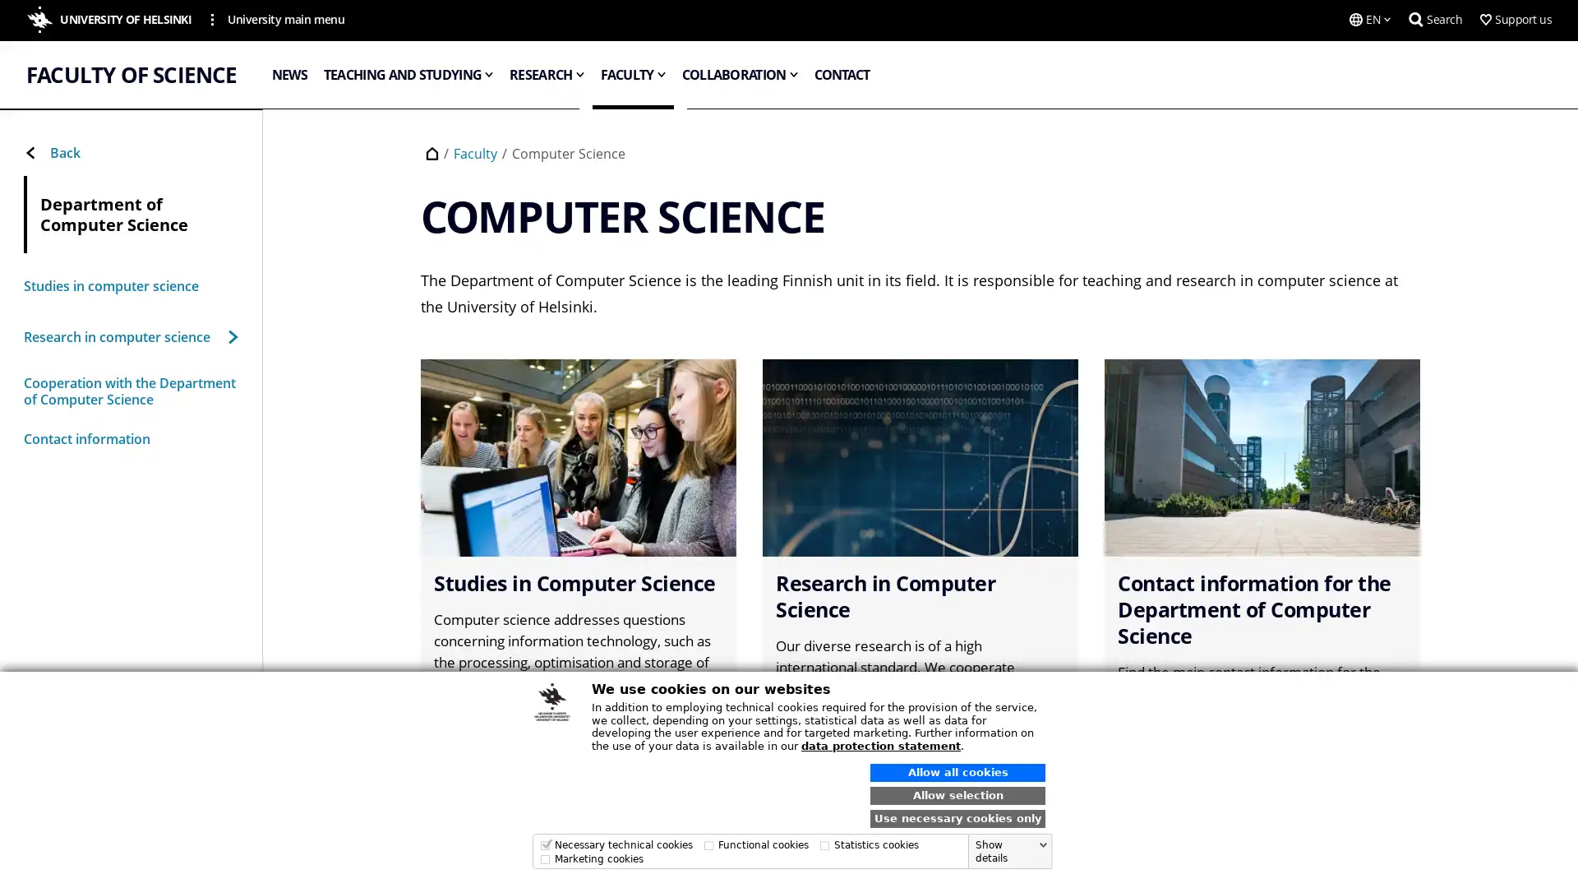 The image size is (1578, 888). What do you see at coordinates (547, 75) in the screenshot?
I see `RESEARCH` at bounding box center [547, 75].